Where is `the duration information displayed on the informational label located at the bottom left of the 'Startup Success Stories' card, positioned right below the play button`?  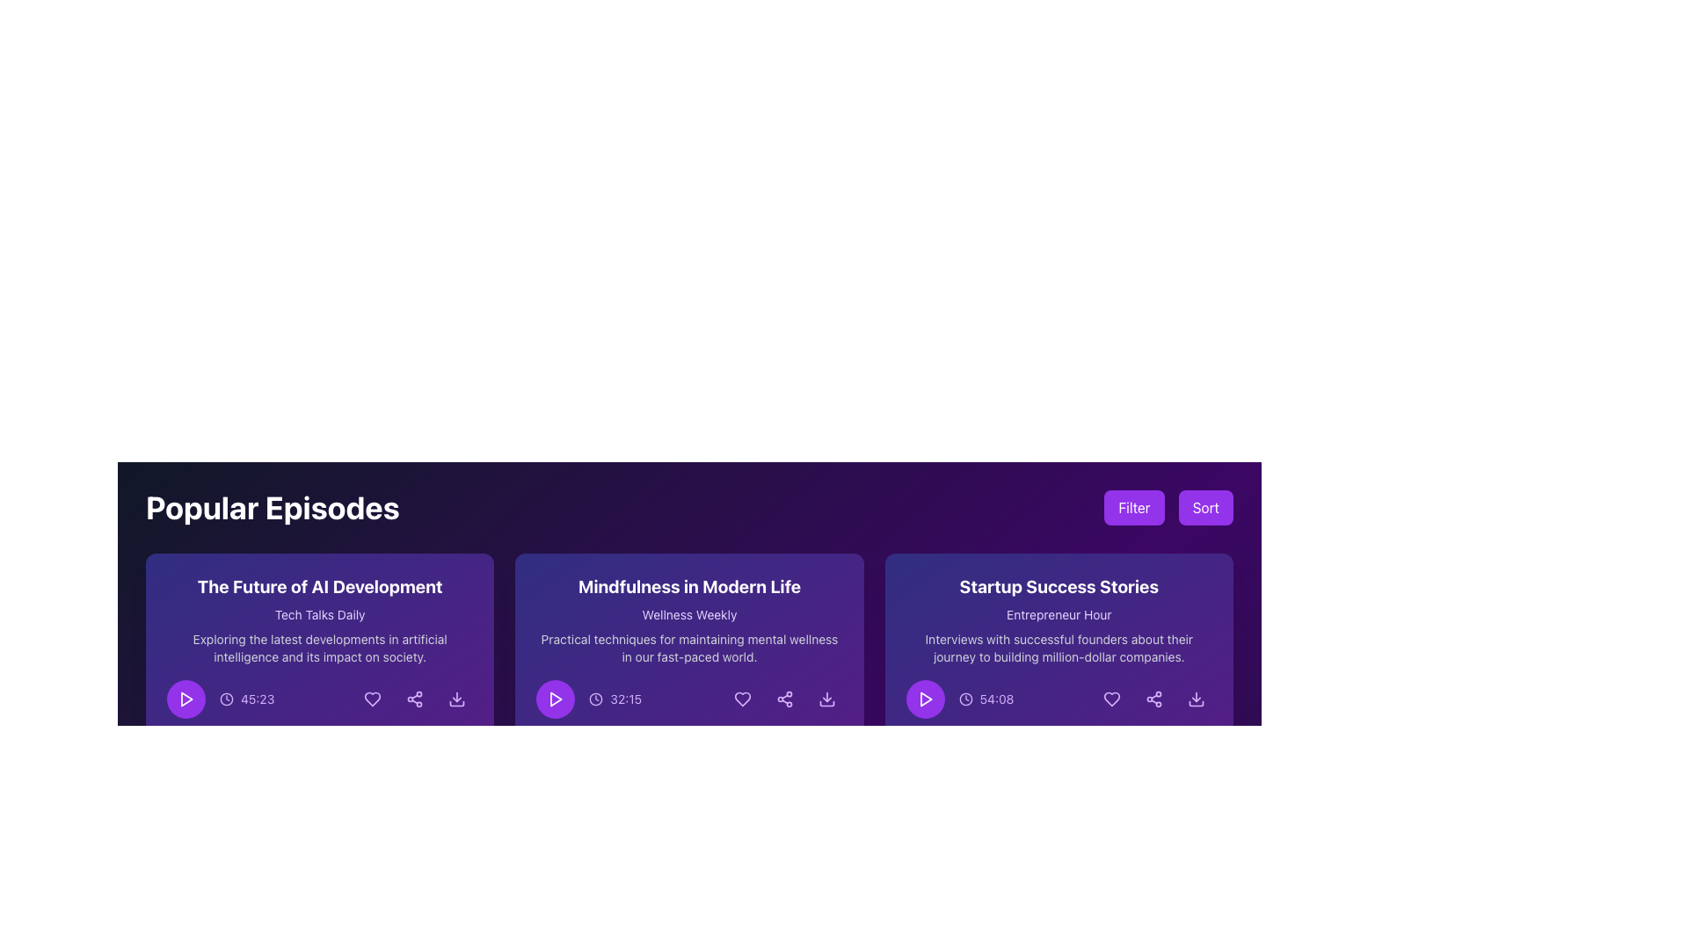 the duration information displayed on the informational label located at the bottom left of the 'Startup Success Stories' card, positioned right below the play button is located at coordinates (959, 698).